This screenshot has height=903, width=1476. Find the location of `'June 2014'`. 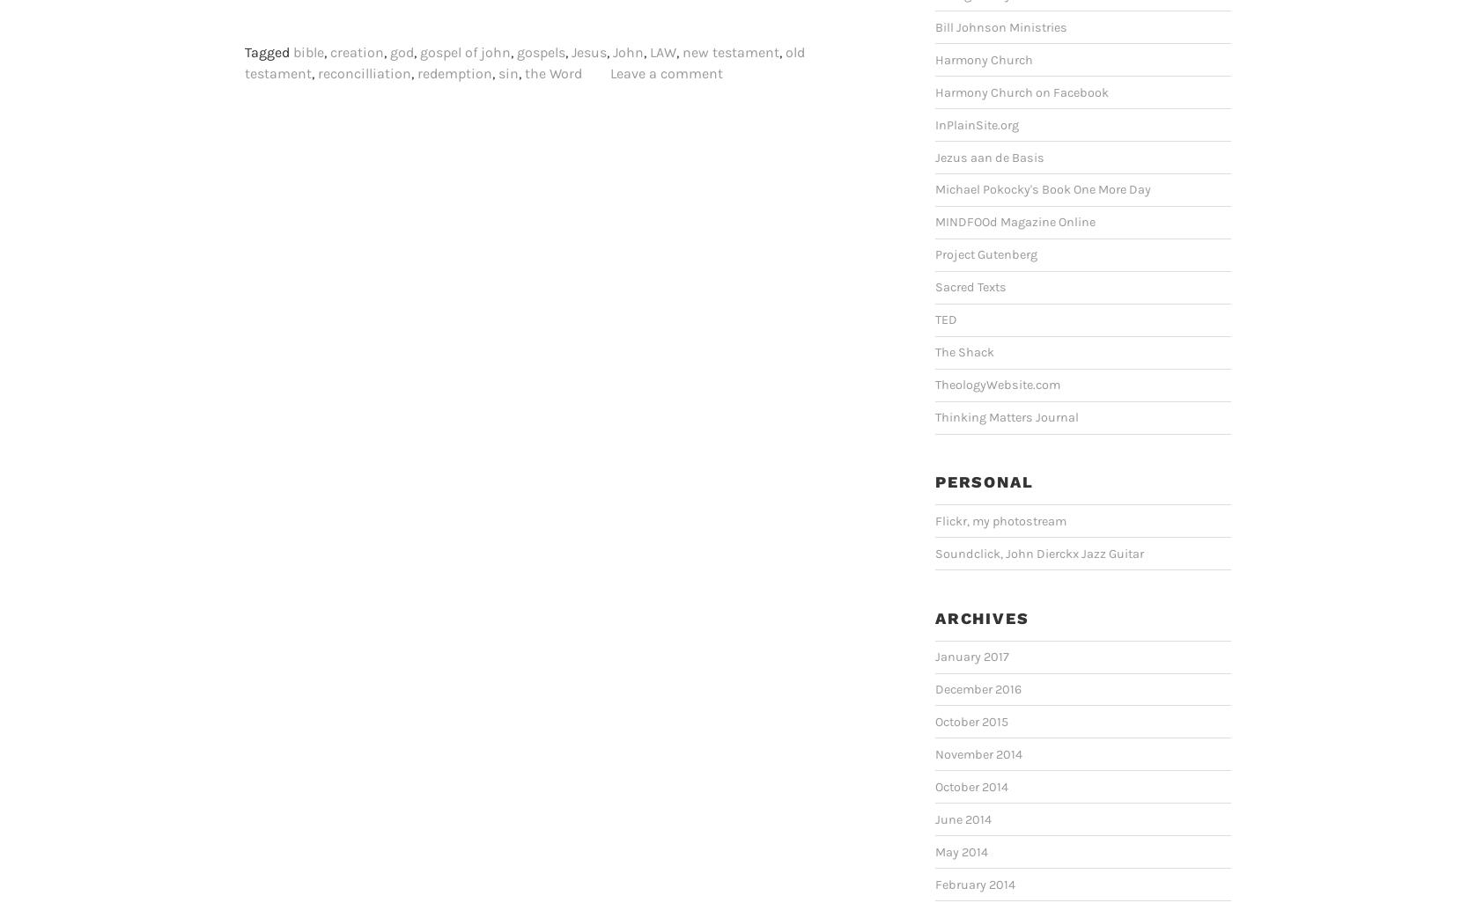

'June 2014' is located at coordinates (962, 819).